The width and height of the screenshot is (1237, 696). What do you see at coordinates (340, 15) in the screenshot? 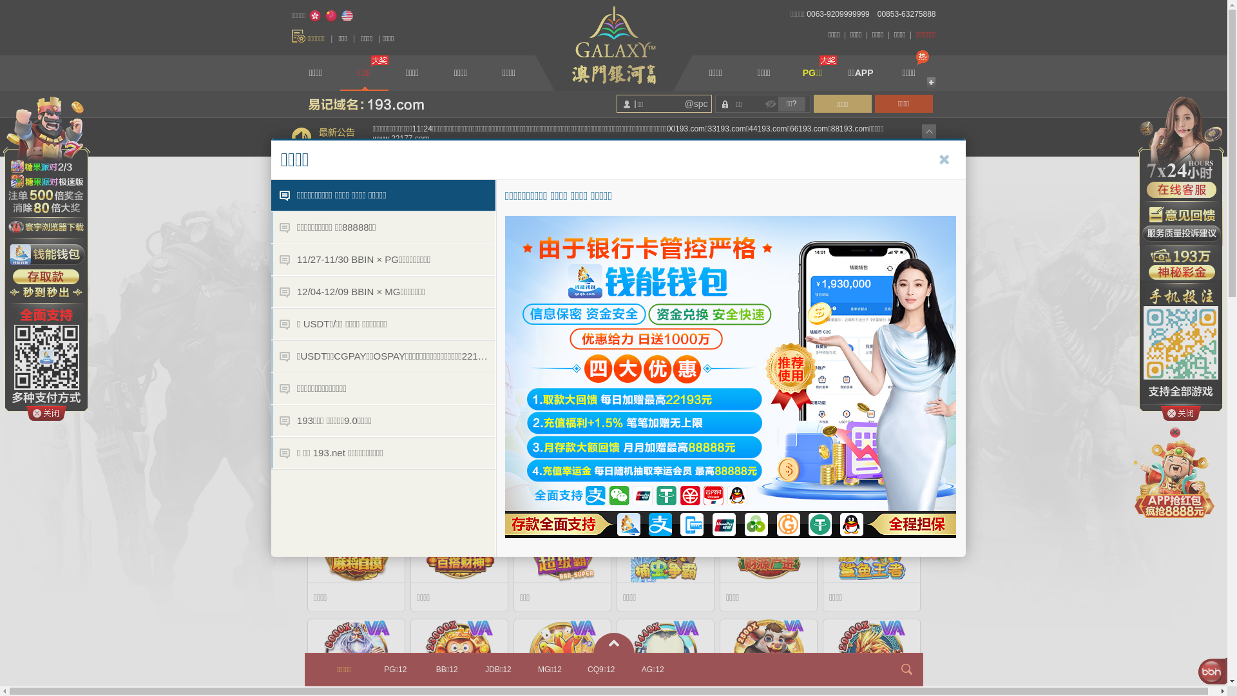
I see `'English'` at bounding box center [340, 15].